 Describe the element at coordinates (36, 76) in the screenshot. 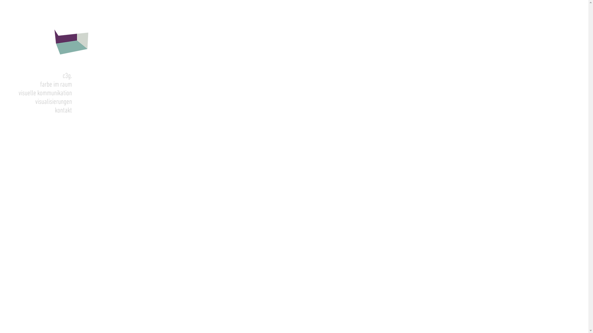

I see `'c3g.'` at that location.